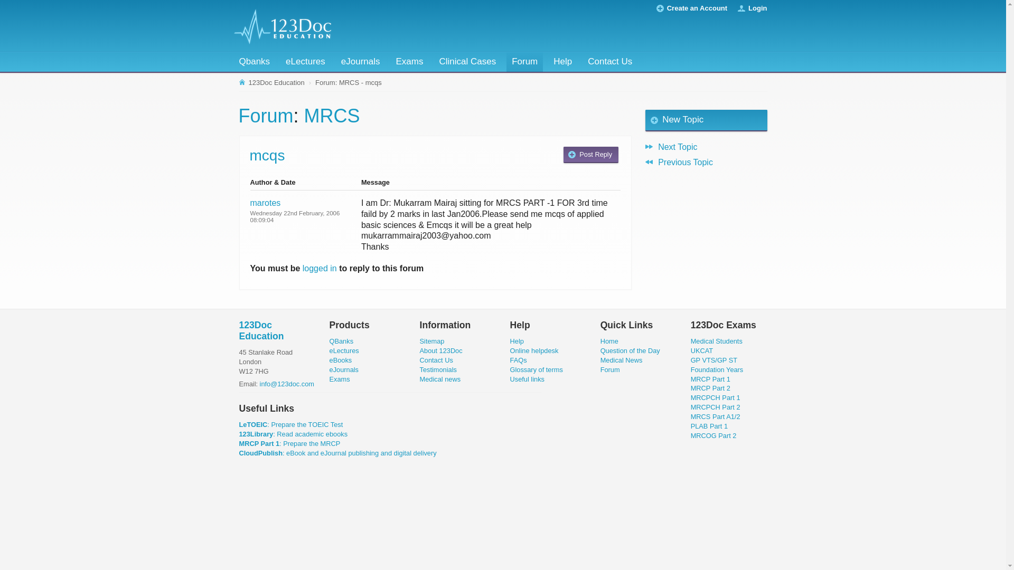 This screenshot has height=570, width=1014. What do you see at coordinates (432, 341) in the screenshot?
I see `'Sitemap'` at bounding box center [432, 341].